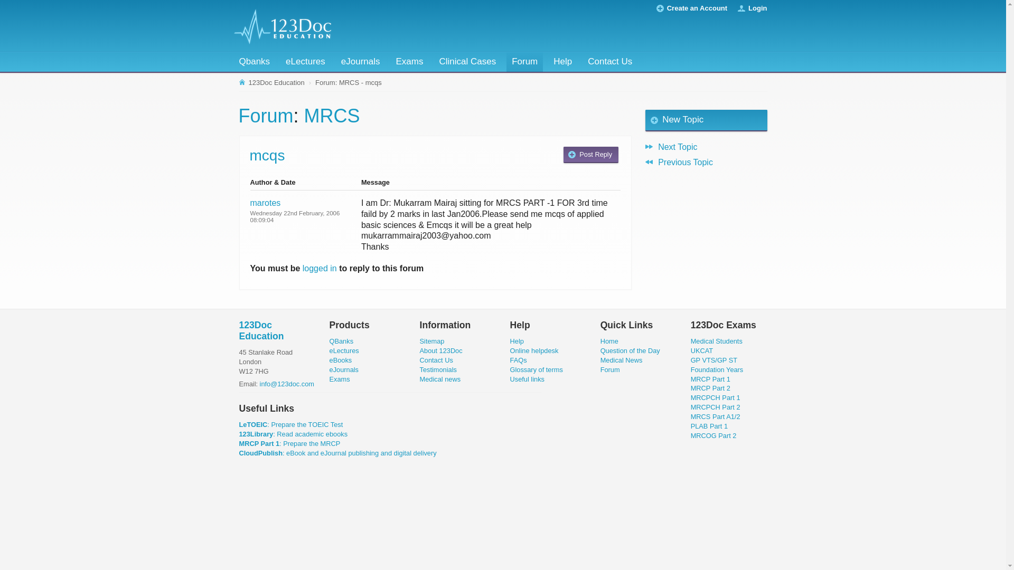 This screenshot has height=570, width=1014. What do you see at coordinates (432, 341) in the screenshot?
I see `'Sitemap'` at bounding box center [432, 341].